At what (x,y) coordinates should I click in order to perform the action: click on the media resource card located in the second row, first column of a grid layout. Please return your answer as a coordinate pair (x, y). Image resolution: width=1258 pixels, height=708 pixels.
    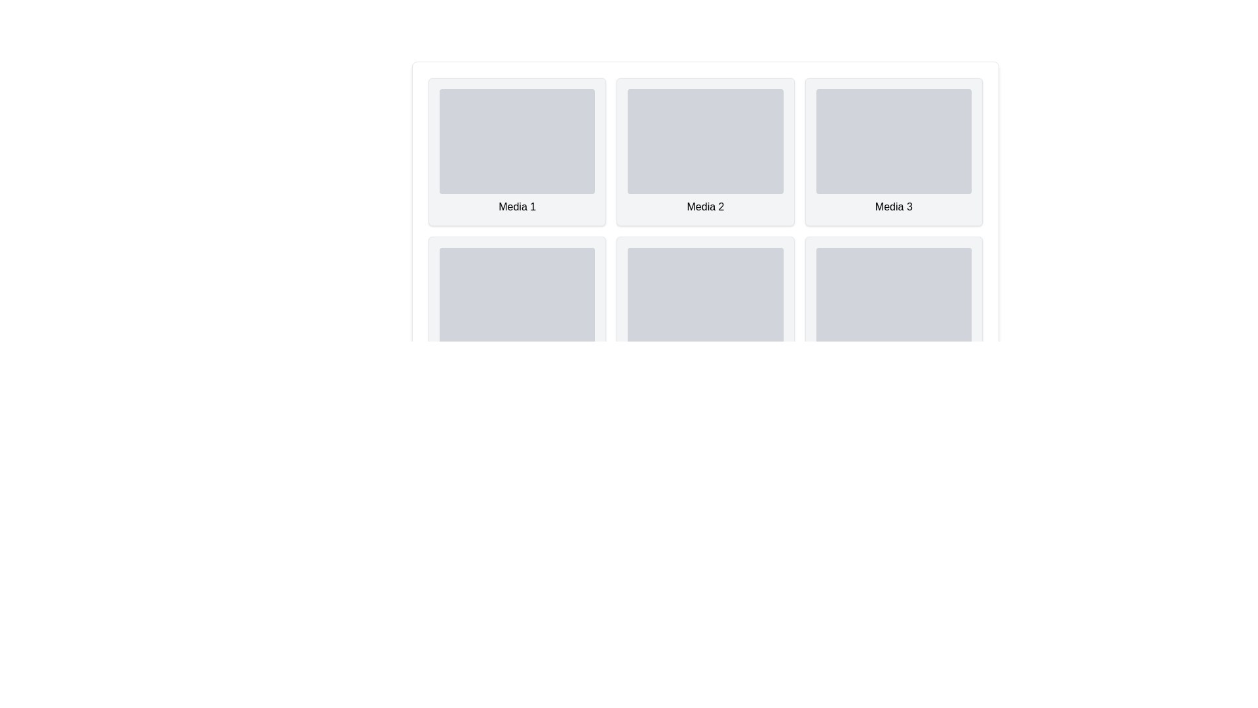
    Looking at the image, I should click on (516, 311).